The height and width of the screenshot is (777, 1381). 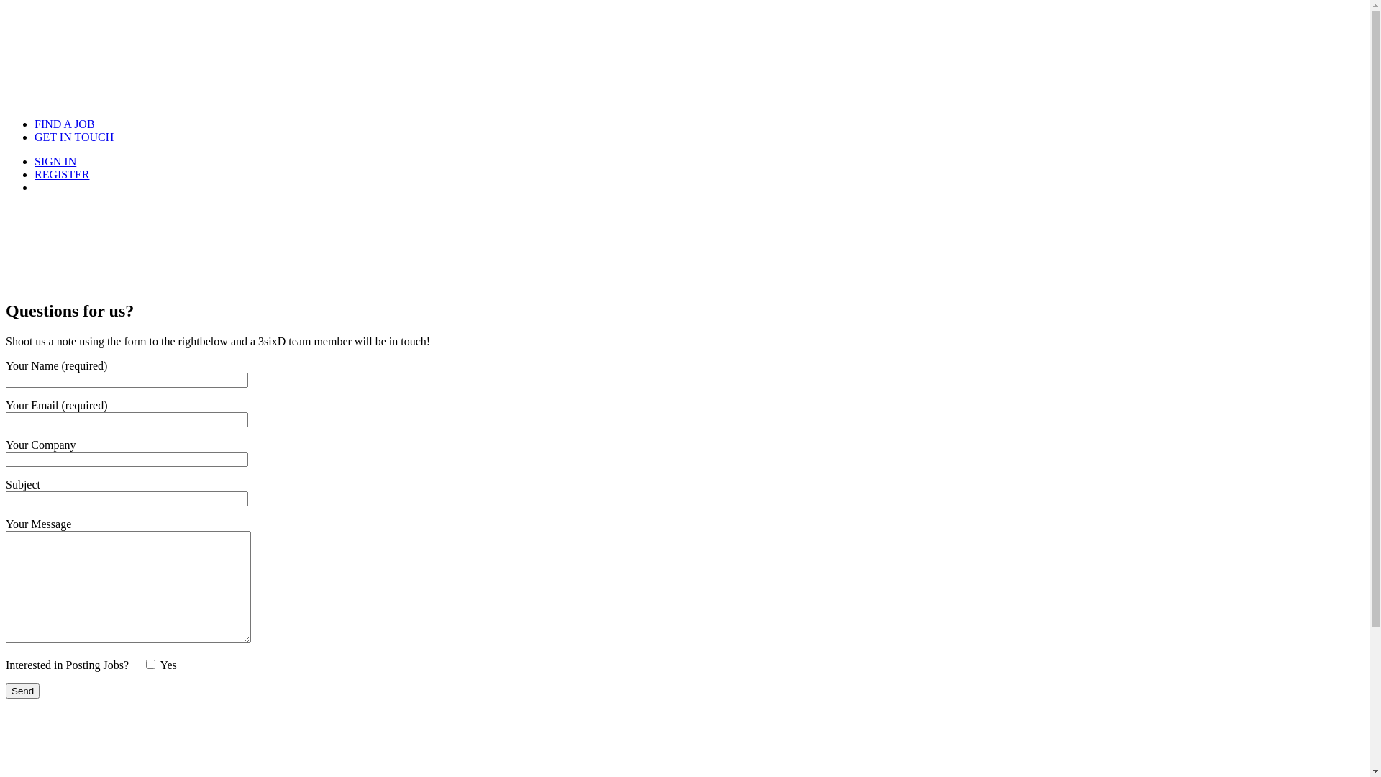 I want to click on 'FIND A JOB', so click(x=64, y=123).